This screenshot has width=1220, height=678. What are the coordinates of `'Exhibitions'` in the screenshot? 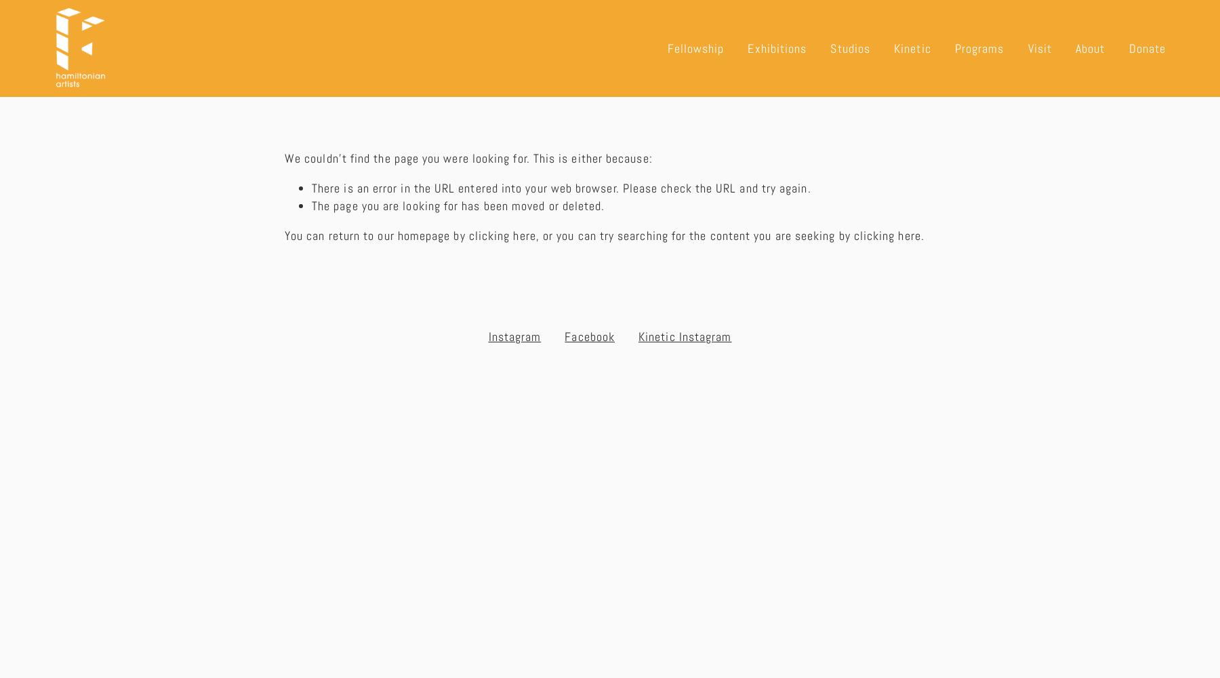 It's located at (776, 47).